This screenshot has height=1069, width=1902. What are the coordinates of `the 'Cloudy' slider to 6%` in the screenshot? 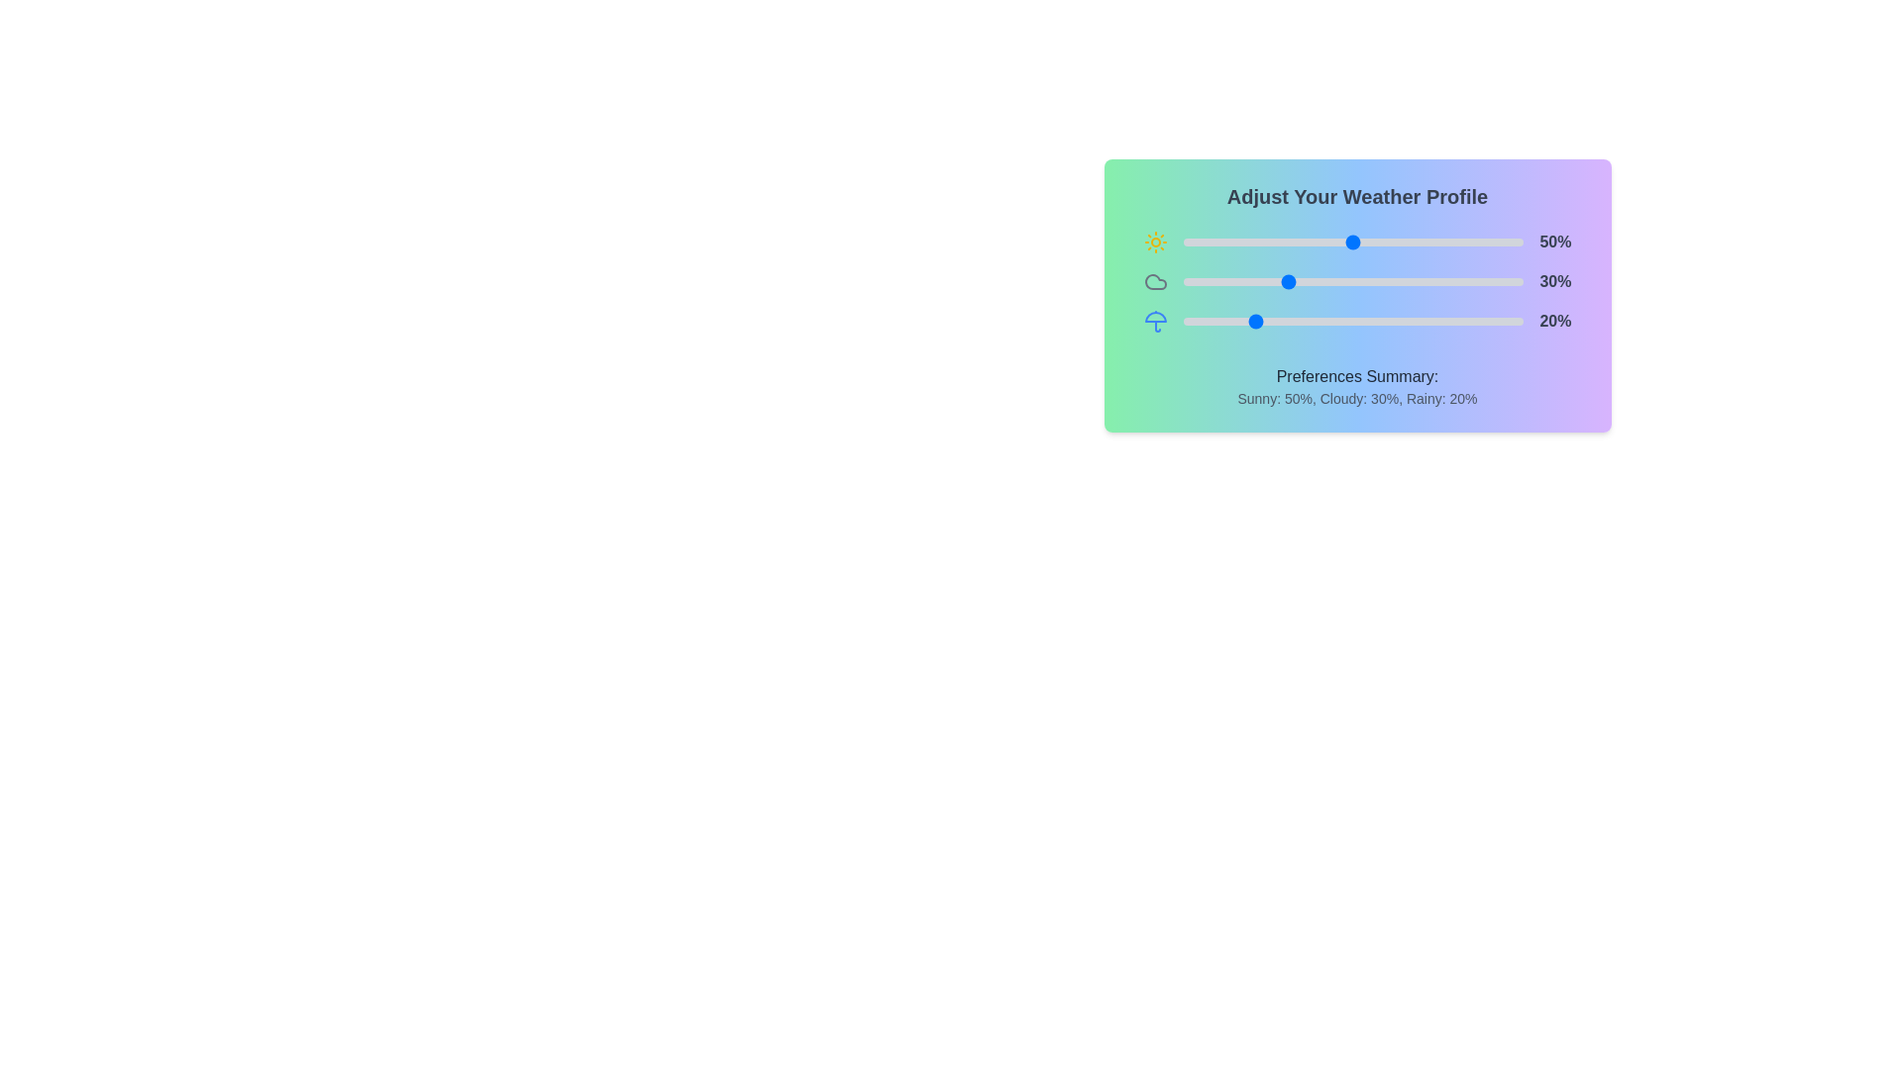 It's located at (1203, 282).